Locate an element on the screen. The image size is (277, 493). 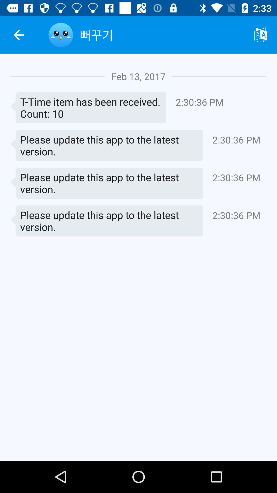
the t time item item is located at coordinates (88, 107).